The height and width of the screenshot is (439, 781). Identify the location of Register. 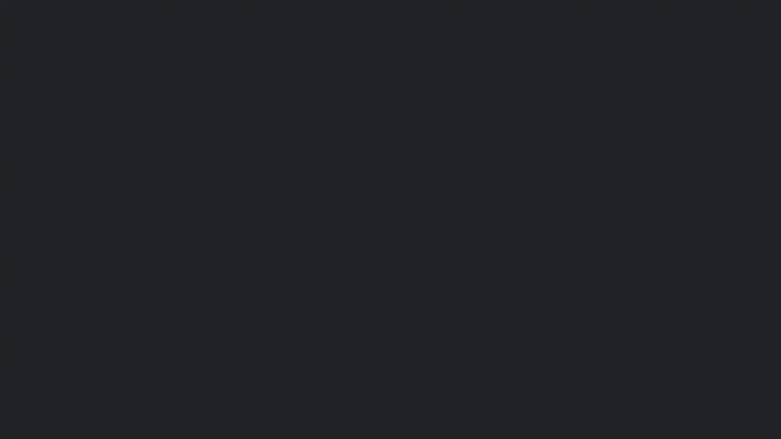
(298, 285).